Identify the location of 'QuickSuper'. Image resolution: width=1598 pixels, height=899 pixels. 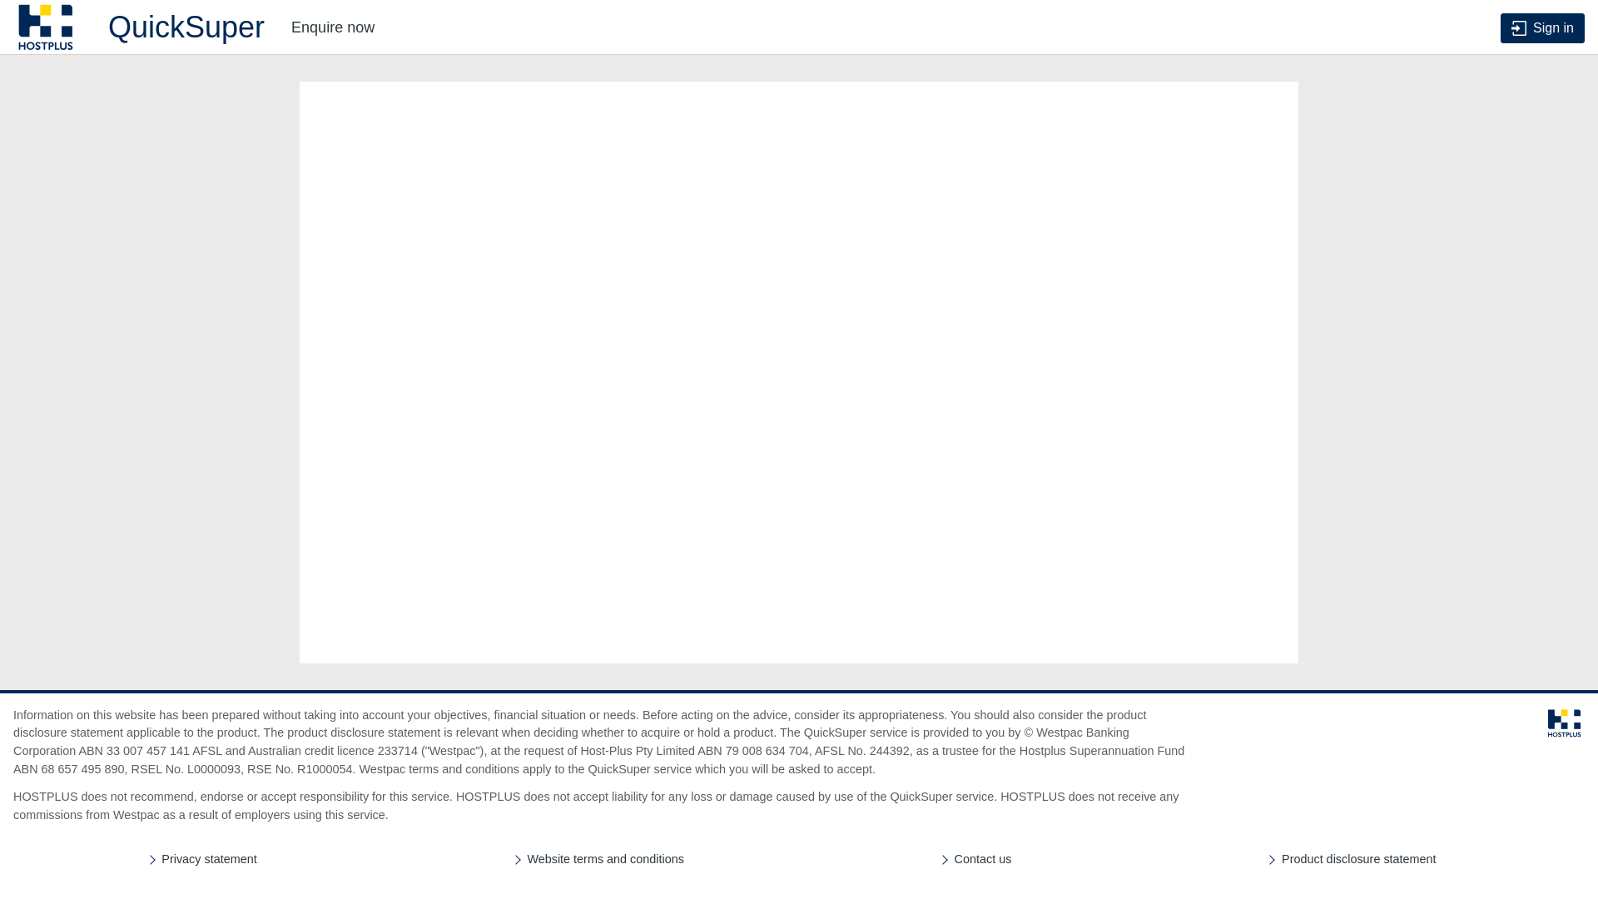
(139, 27).